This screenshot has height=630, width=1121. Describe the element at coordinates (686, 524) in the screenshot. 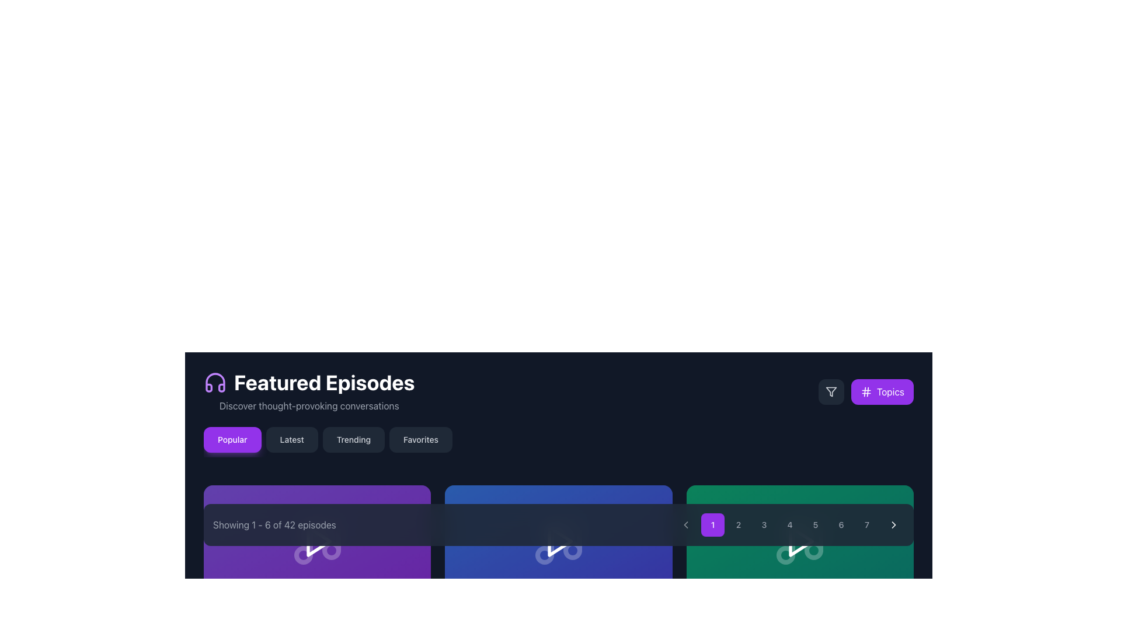

I see `the 'previous page' navigation button icon located in the pagination section of the navigation bar` at that location.